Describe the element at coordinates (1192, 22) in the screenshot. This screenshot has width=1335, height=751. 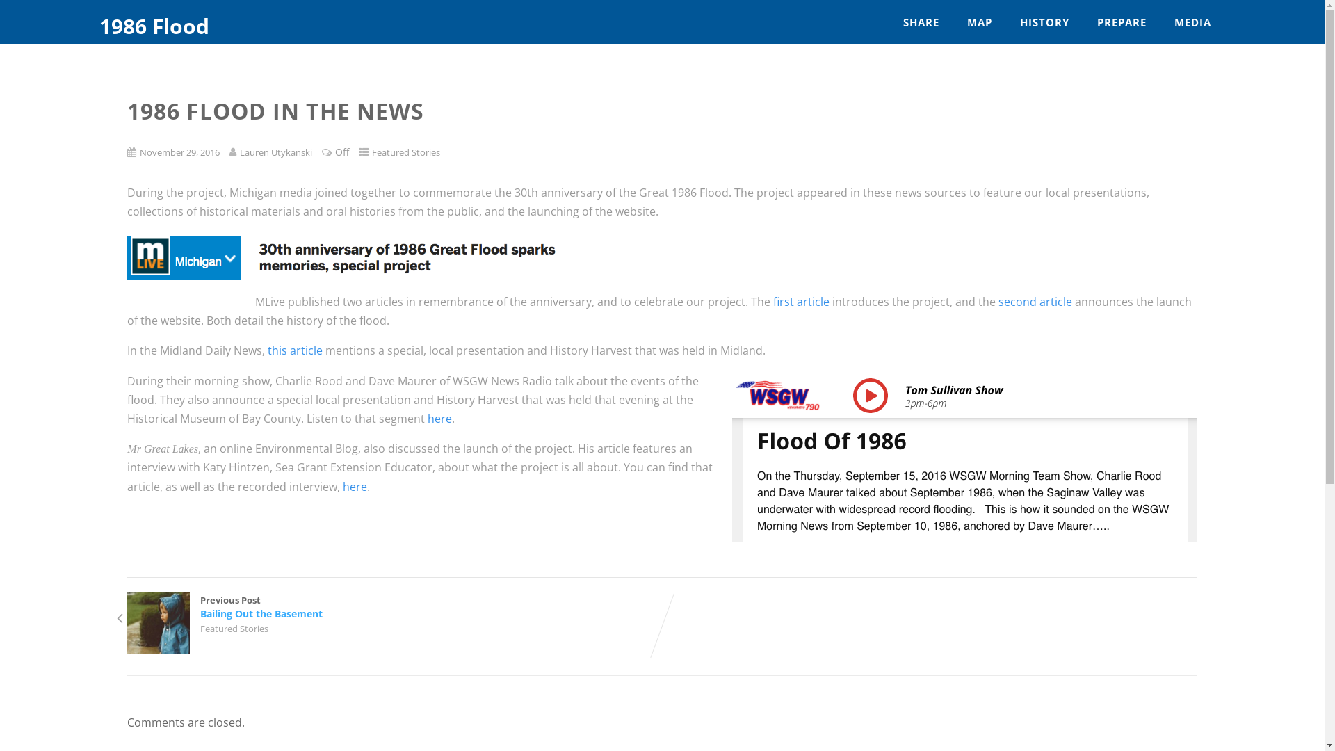
I see `'MEDIA'` at that location.